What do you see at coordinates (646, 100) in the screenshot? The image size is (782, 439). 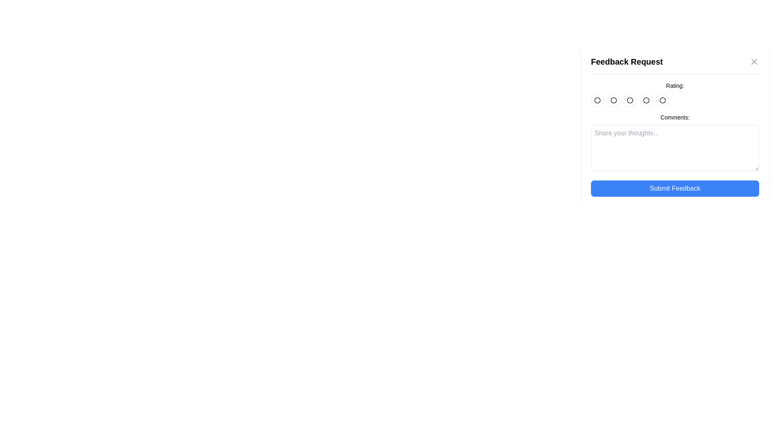 I see `the fourth circle icon in the feedback section` at bounding box center [646, 100].